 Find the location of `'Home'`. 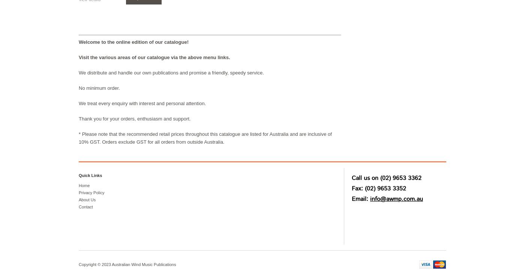

'Home' is located at coordinates (84, 185).